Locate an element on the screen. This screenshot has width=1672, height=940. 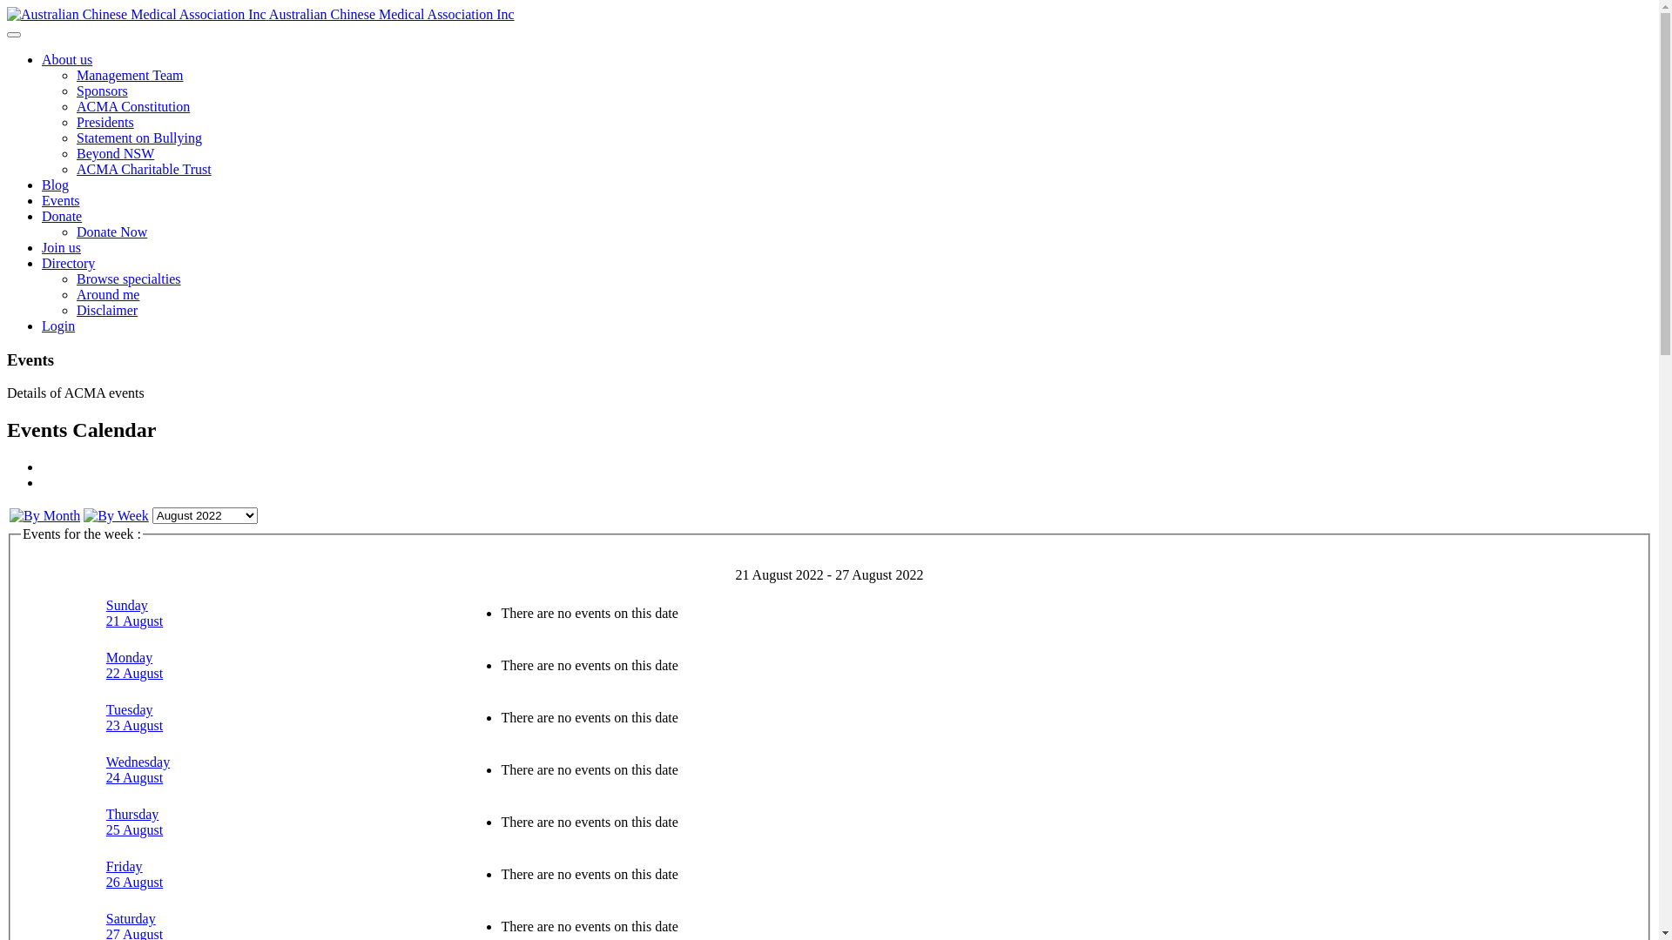
'ACMA Constitution' is located at coordinates (132, 106).